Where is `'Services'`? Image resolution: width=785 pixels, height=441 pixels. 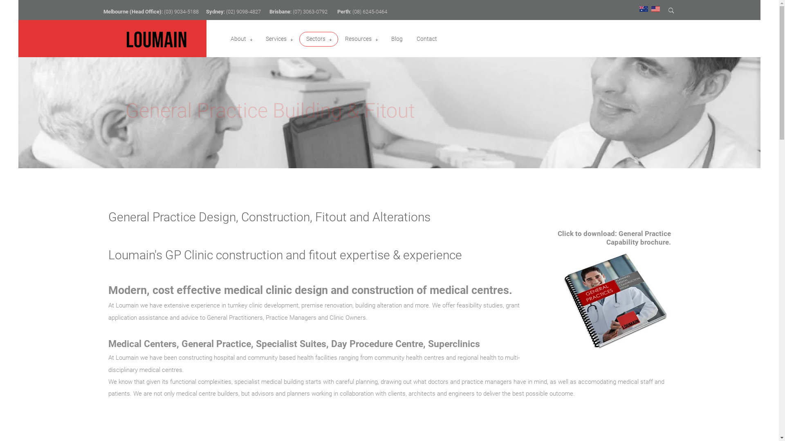 'Services' is located at coordinates (279, 39).